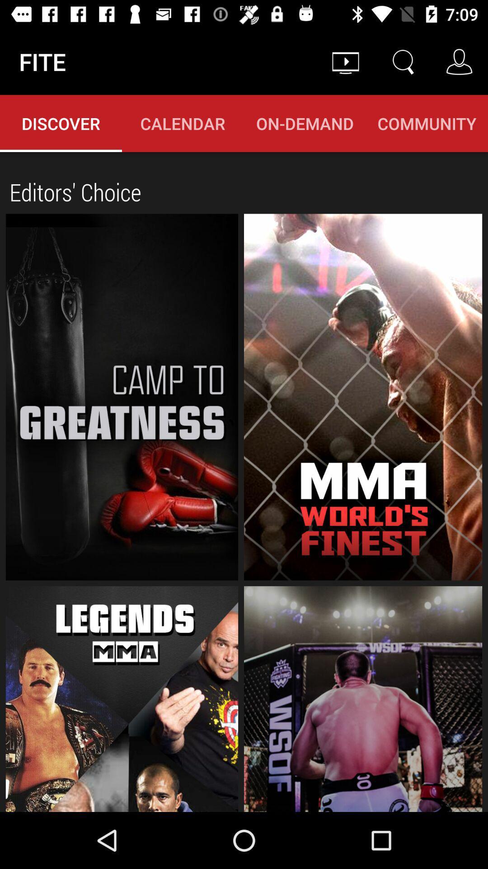 This screenshot has height=869, width=488. Describe the element at coordinates (362, 397) in the screenshot. I see `the mma world 's finest option` at that location.